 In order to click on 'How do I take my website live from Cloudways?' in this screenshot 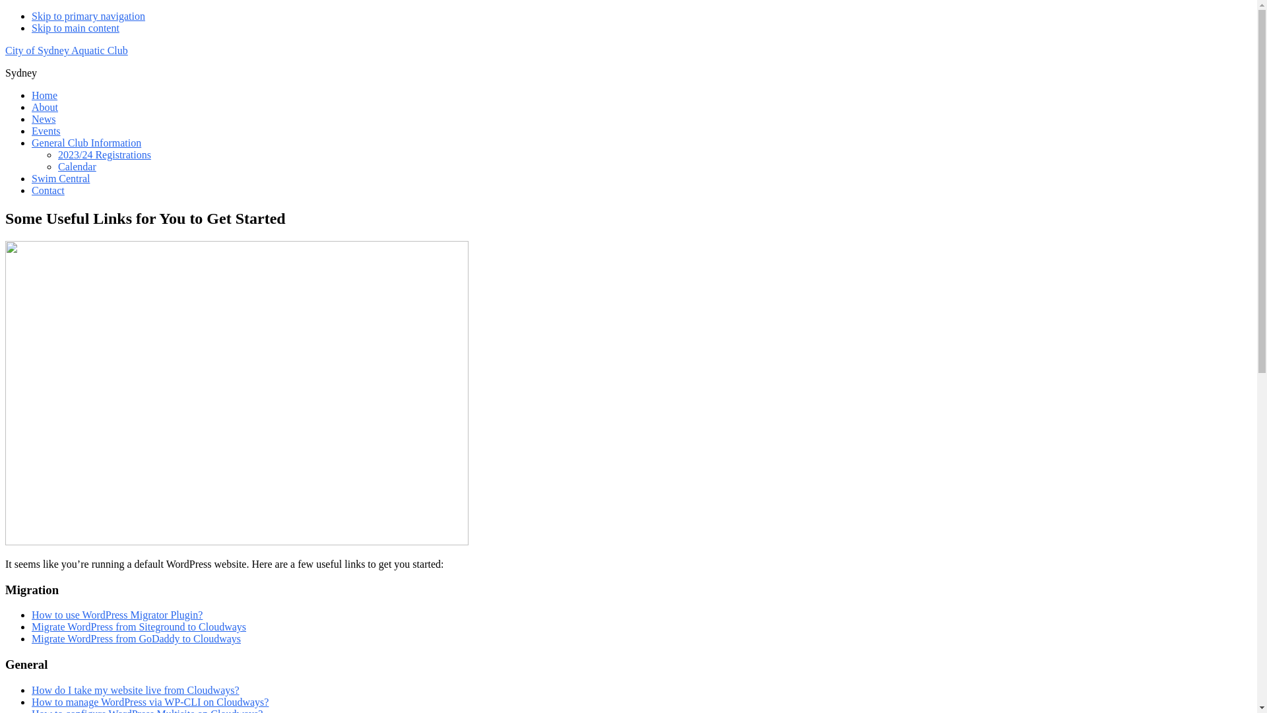, I will do `click(135, 689)`.